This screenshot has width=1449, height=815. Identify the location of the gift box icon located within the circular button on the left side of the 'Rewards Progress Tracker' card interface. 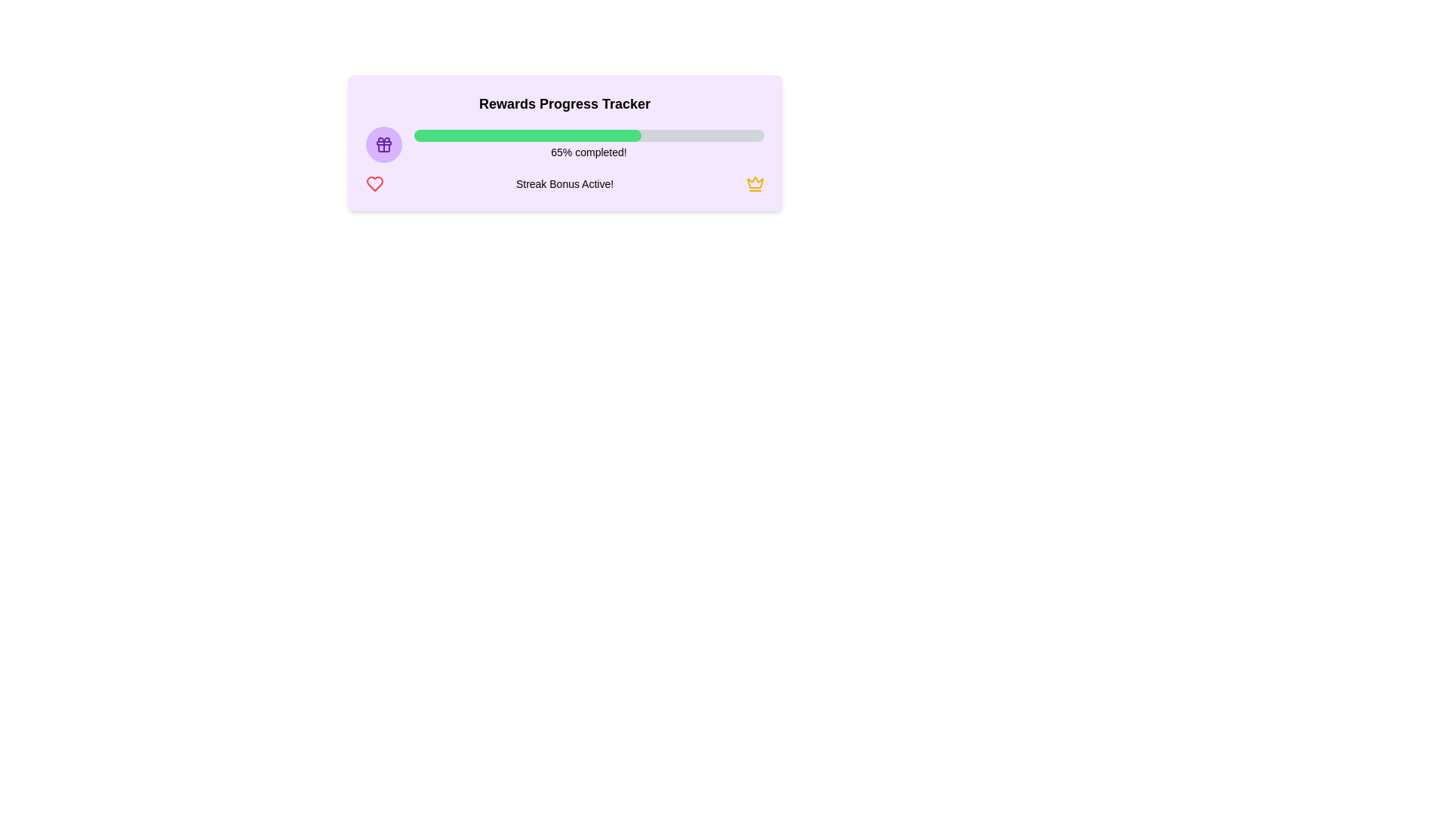
(383, 145).